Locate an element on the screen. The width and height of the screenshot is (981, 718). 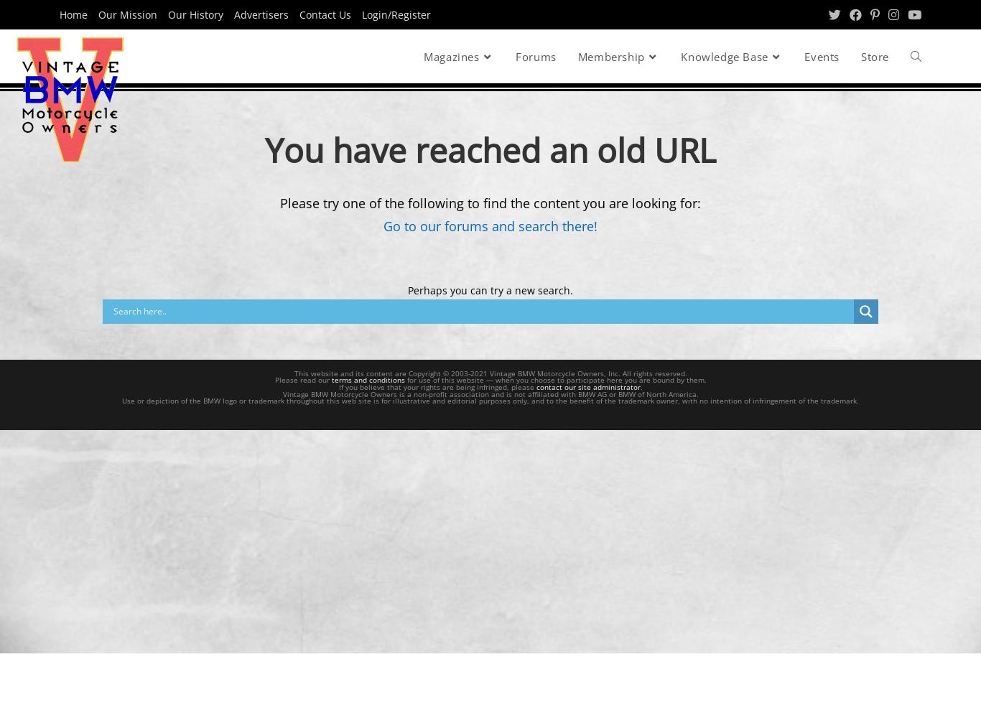
'Home' is located at coordinates (73, 14).